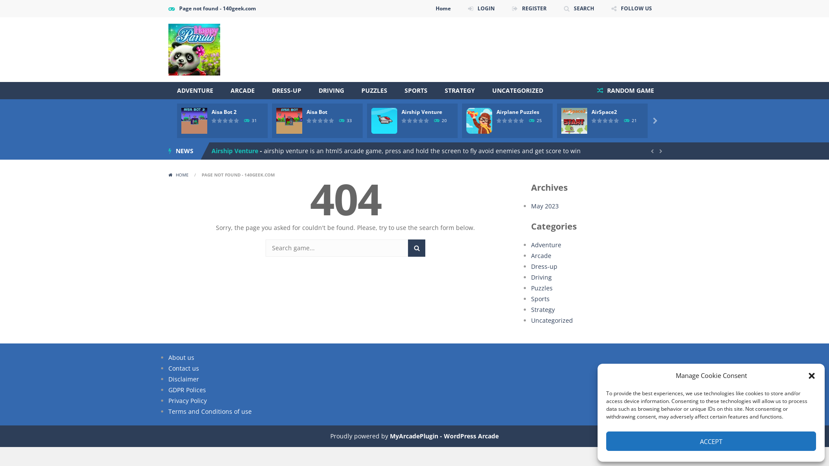 This screenshot has width=829, height=466. I want to click on 'Puzzles', so click(541, 288).